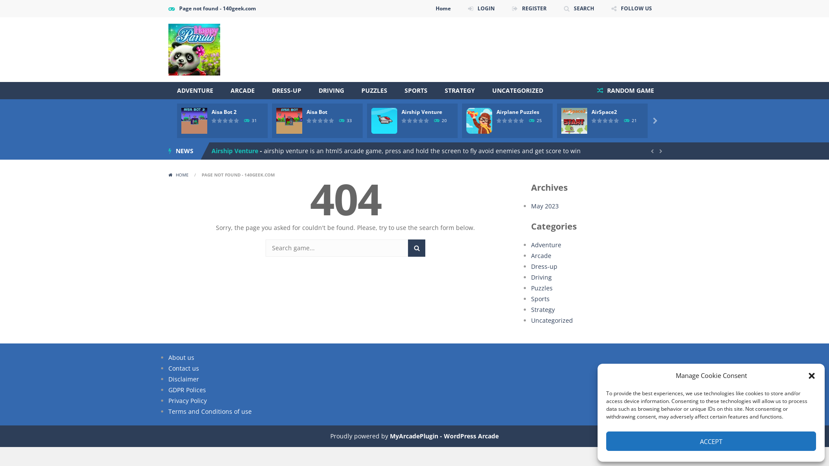 This screenshot has width=829, height=466. I want to click on 'Puzzles', so click(541, 288).